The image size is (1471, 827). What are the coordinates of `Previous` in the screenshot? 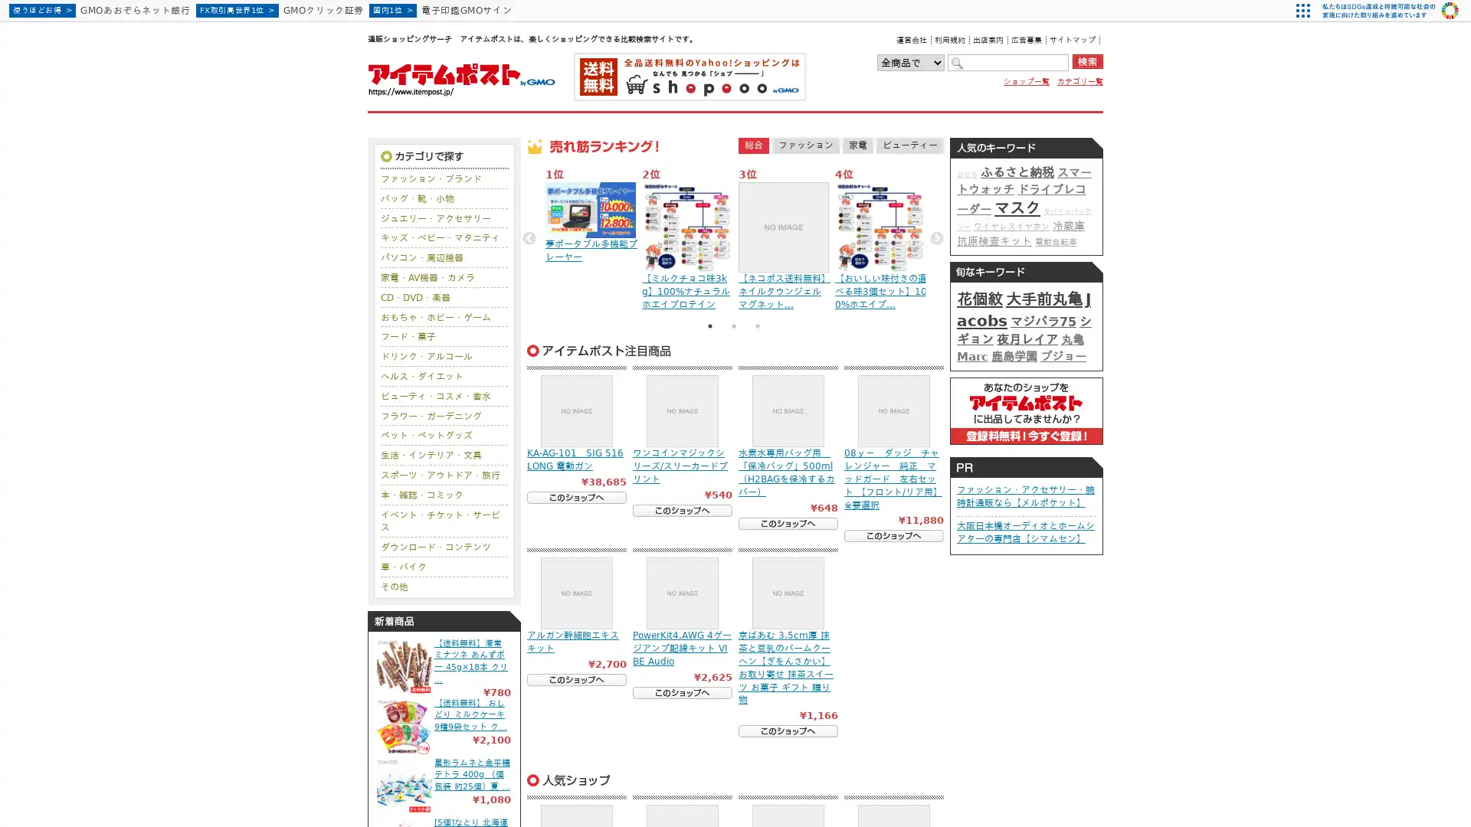 It's located at (529, 239).